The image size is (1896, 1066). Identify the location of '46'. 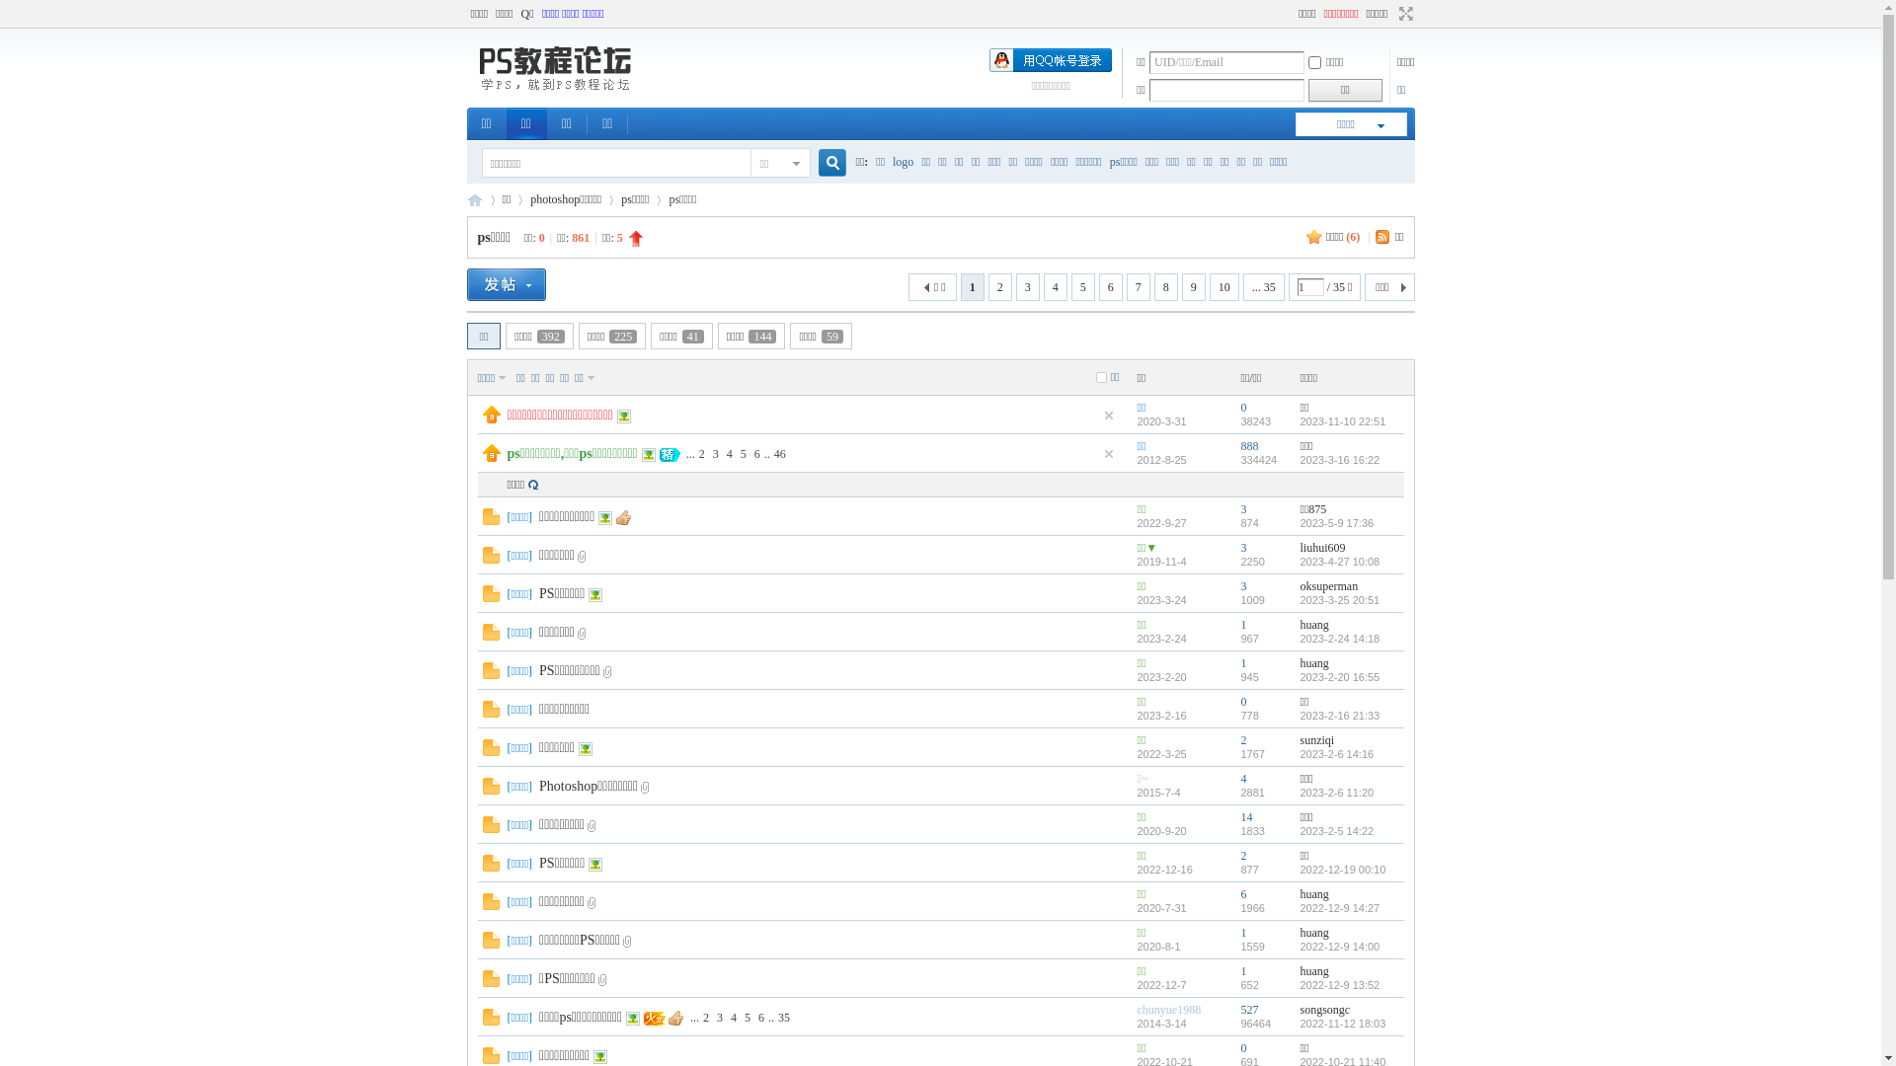
(779, 453).